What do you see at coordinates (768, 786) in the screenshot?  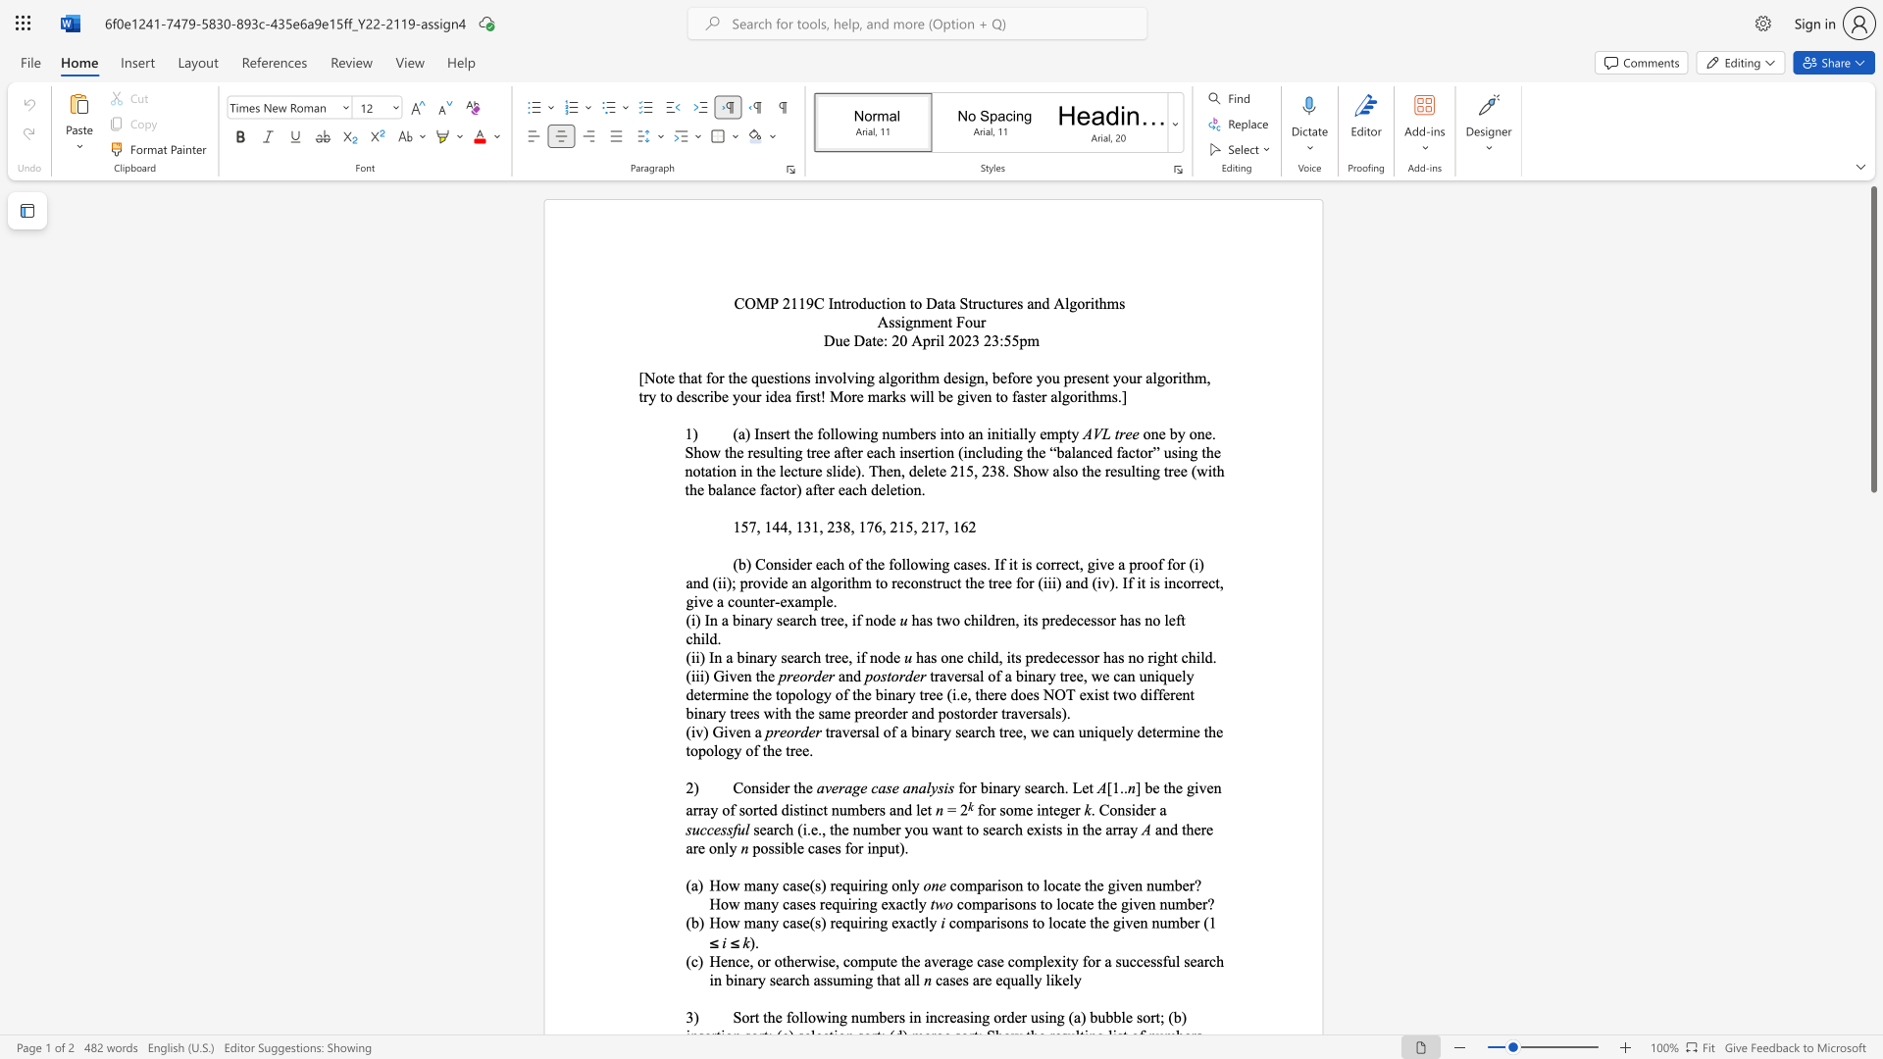 I see `the subset text "der" within the text "Consider the"` at bounding box center [768, 786].